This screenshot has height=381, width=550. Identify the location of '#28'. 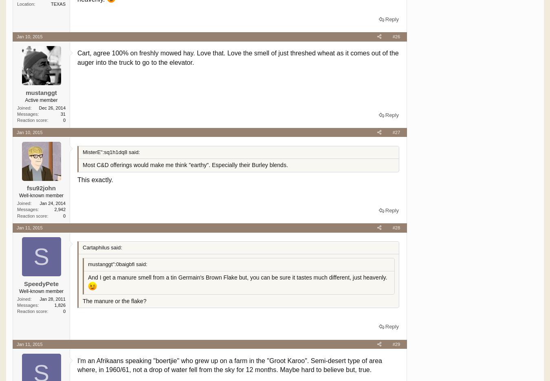
(396, 228).